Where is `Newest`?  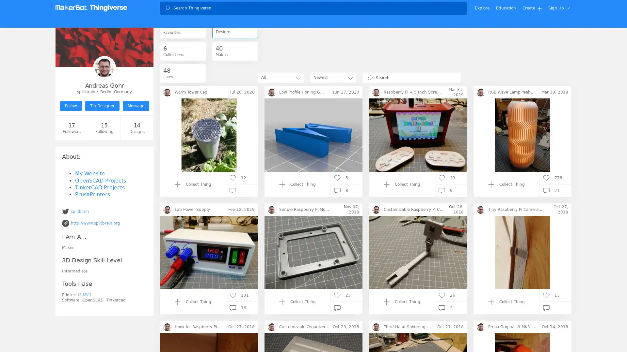 Newest is located at coordinates (333, 78).